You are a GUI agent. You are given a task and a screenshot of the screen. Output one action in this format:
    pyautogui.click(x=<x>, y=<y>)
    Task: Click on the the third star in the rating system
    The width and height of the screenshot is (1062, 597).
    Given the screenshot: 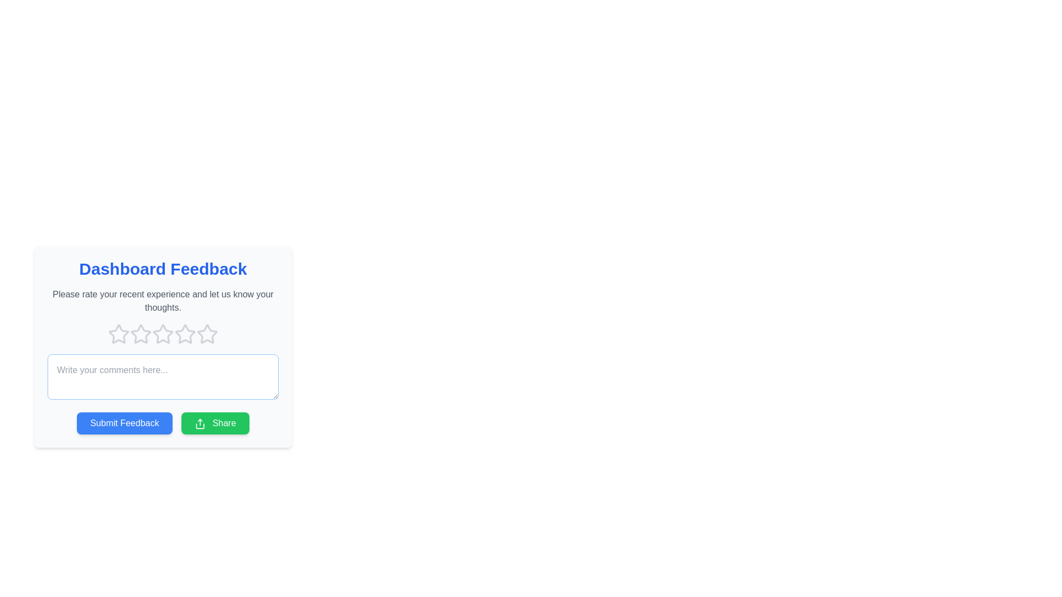 What is the action you would take?
    pyautogui.click(x=162, y=346)
    